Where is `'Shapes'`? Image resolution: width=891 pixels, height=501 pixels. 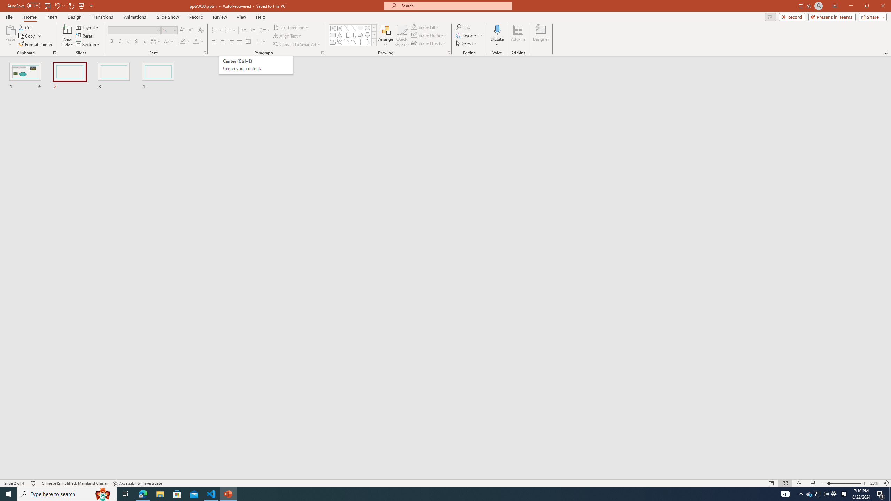
'Shapes' is located at coordinates (374, 41).